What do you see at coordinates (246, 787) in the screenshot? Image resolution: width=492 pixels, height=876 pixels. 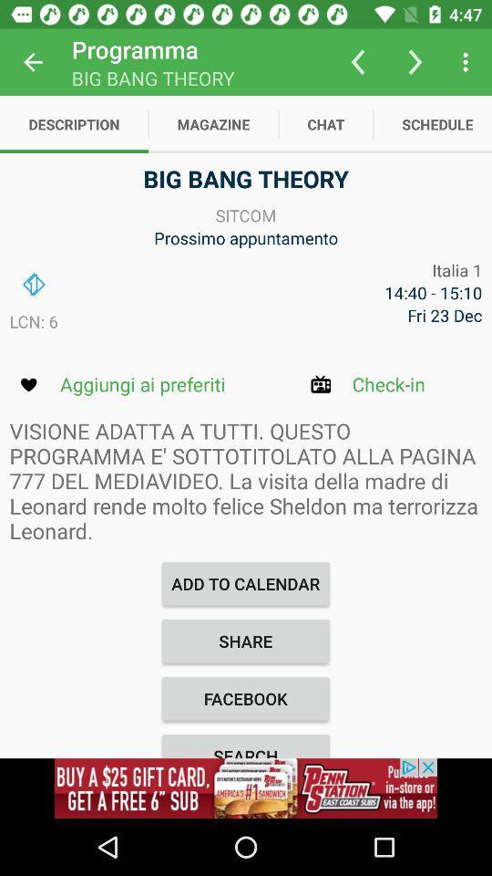 I see `see advertisement` at bounding box center [246, 787].